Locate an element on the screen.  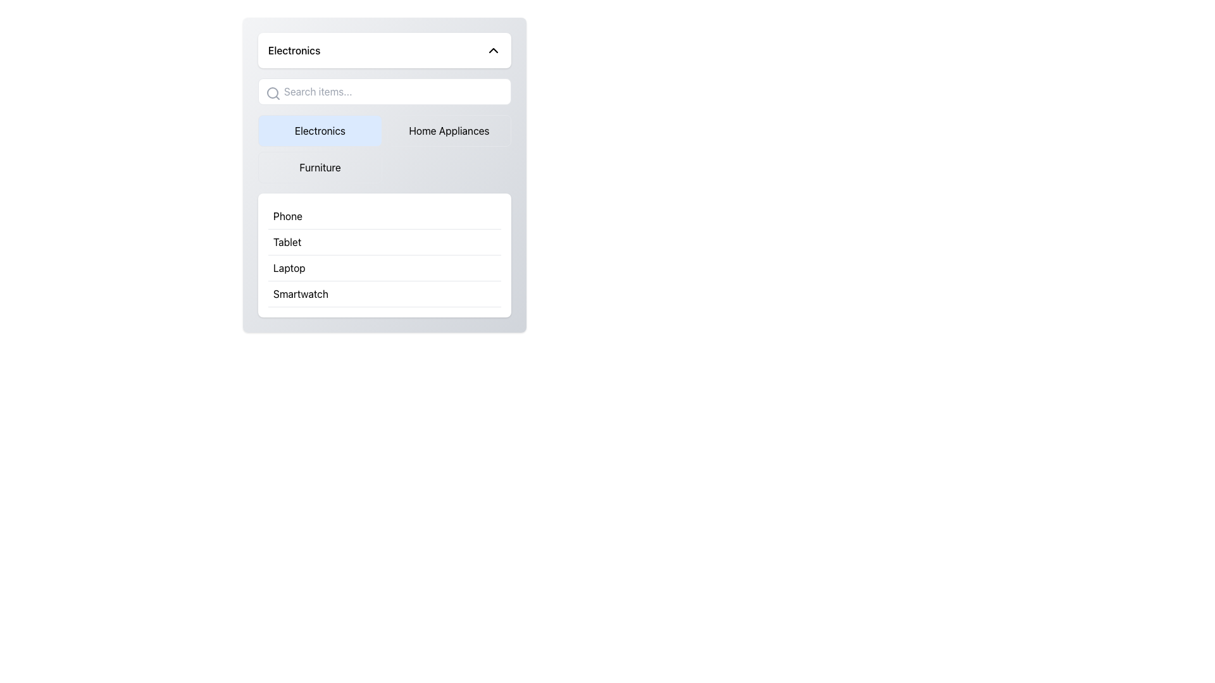
the 'Electronics' category button is located at coordinates (320, 131).